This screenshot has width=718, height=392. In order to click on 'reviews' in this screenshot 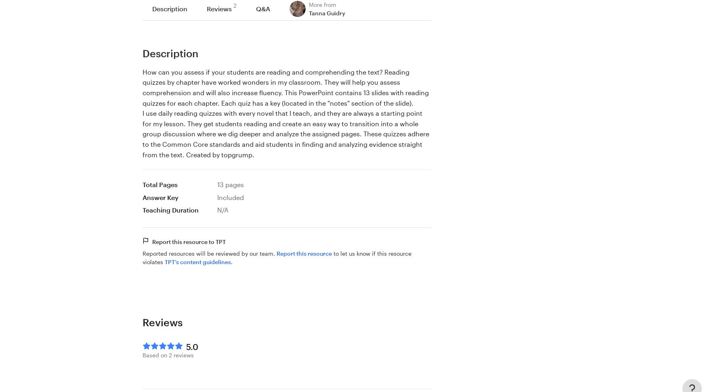, I will do `click(183, 354)`.